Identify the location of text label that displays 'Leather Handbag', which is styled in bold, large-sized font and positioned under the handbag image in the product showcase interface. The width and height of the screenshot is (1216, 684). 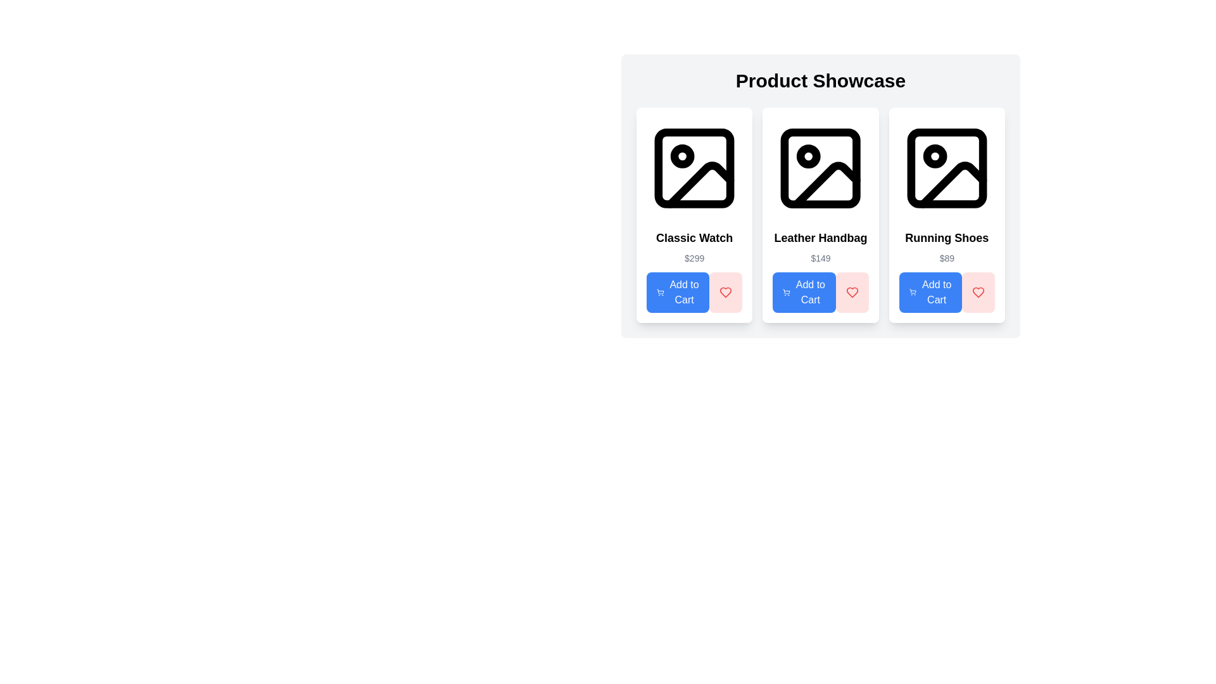
(821, 237).